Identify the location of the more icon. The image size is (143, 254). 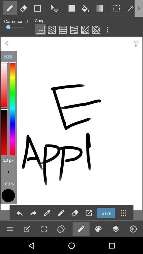
(43, 229).